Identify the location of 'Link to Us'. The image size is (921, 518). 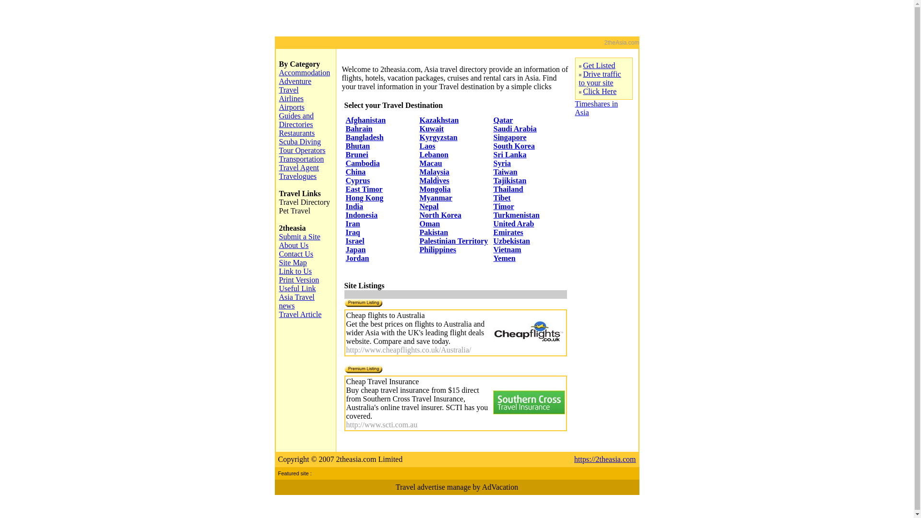
(295, 271).